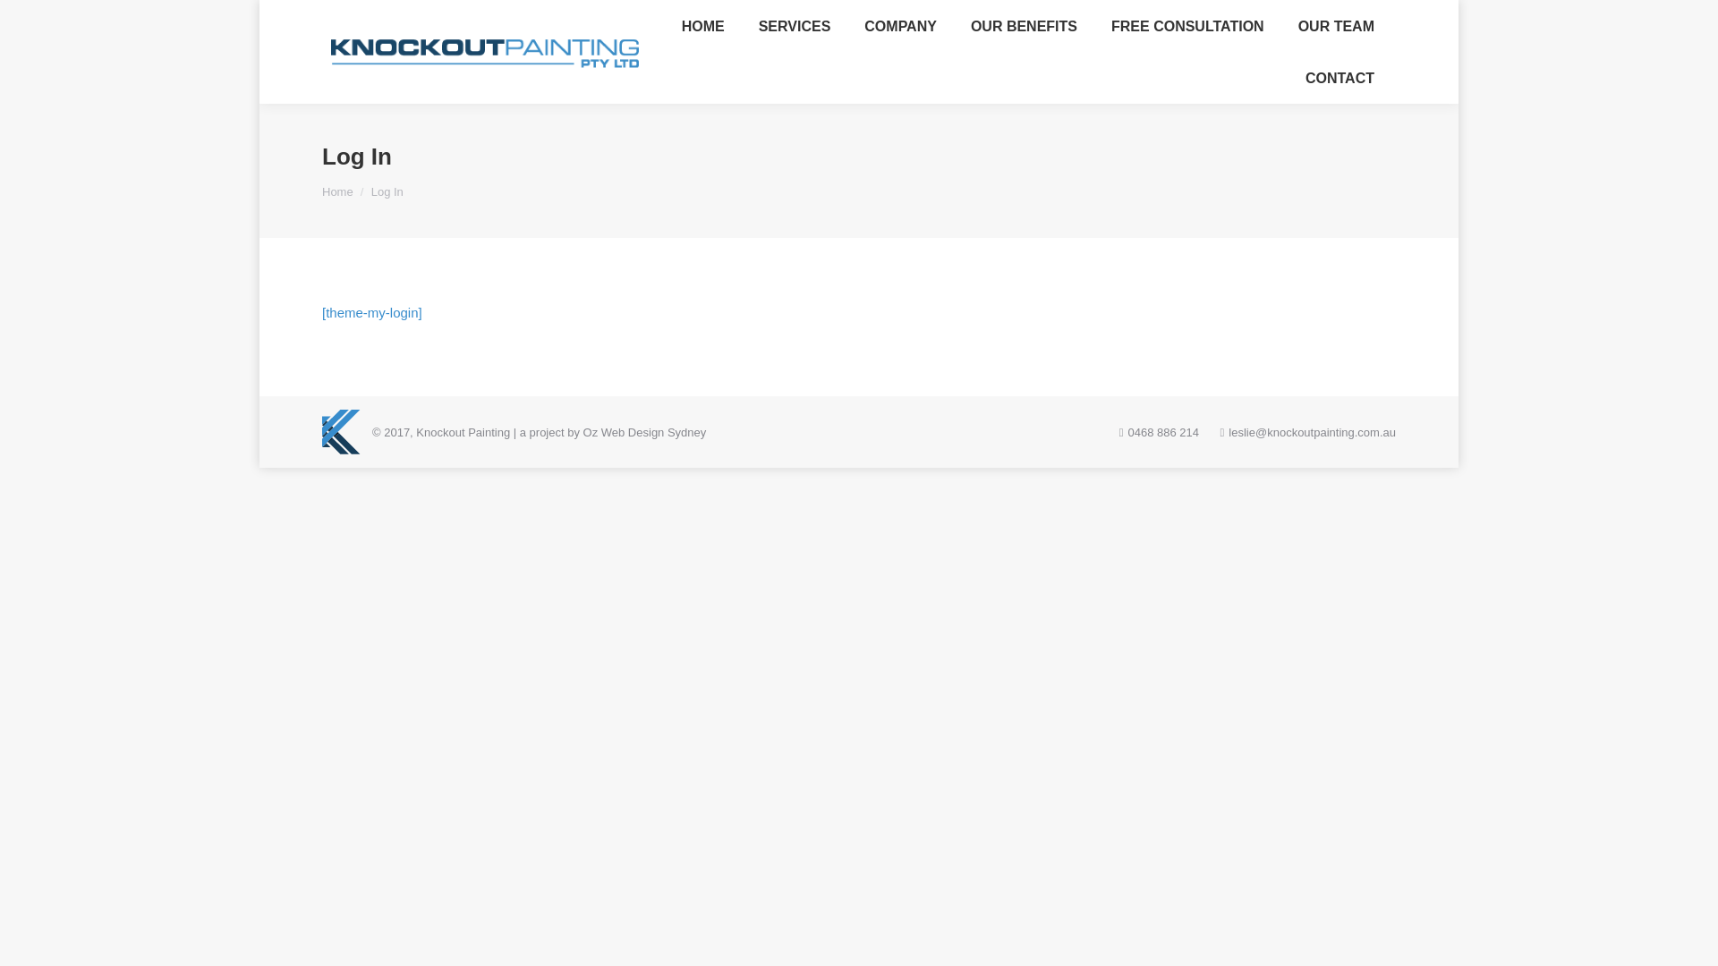 The height and width of the screenshot is (966, 1718). What do you see at coordinates (668, 26) in the screenshot?
I see `'HOME'` at bounding box center [668, 26].